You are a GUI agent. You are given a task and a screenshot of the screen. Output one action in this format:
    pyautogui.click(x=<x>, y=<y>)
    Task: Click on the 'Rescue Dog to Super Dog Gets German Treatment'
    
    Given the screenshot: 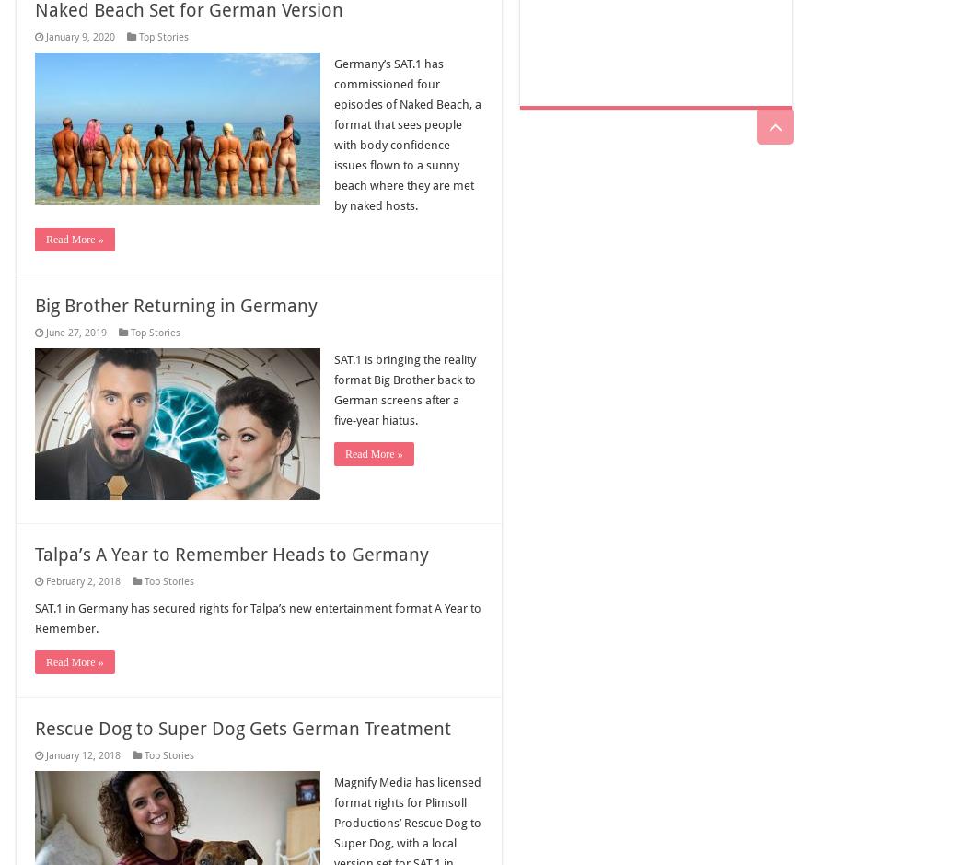 What is the action you would take?
    pyautogui.click(x=241, y=728)
    